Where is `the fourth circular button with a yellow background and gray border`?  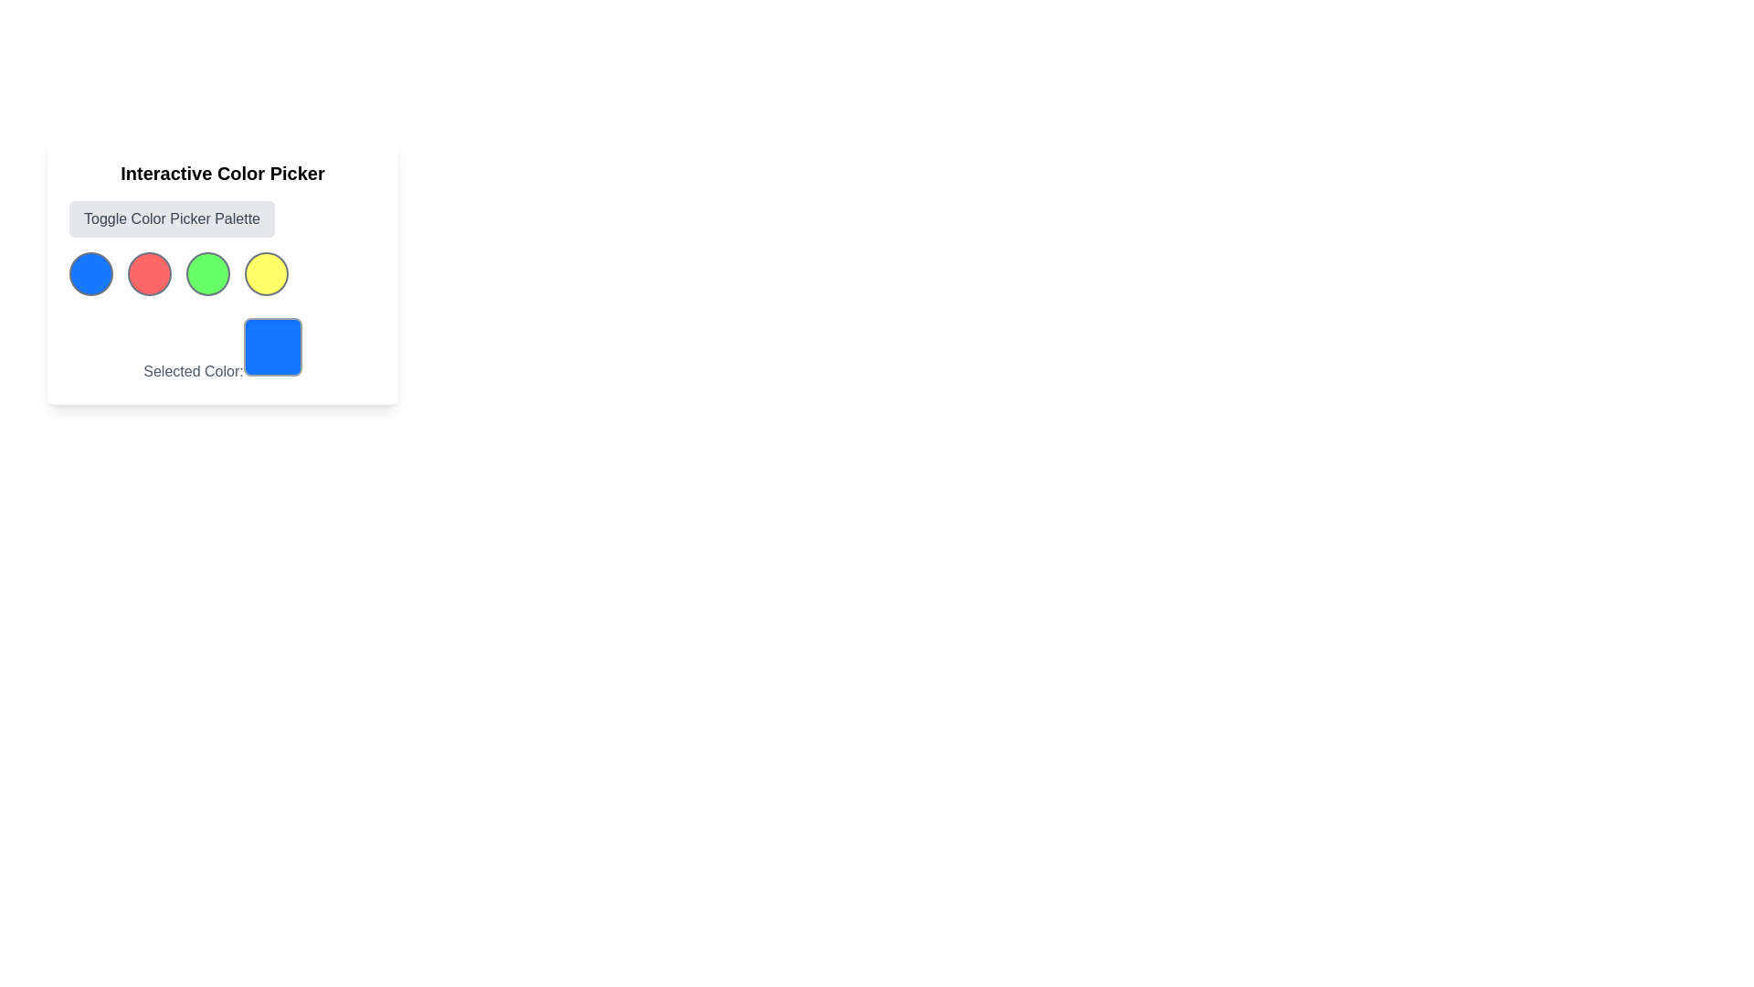
the fourth circular button with a yellow background and gray border is located at coordinates (266, 274).